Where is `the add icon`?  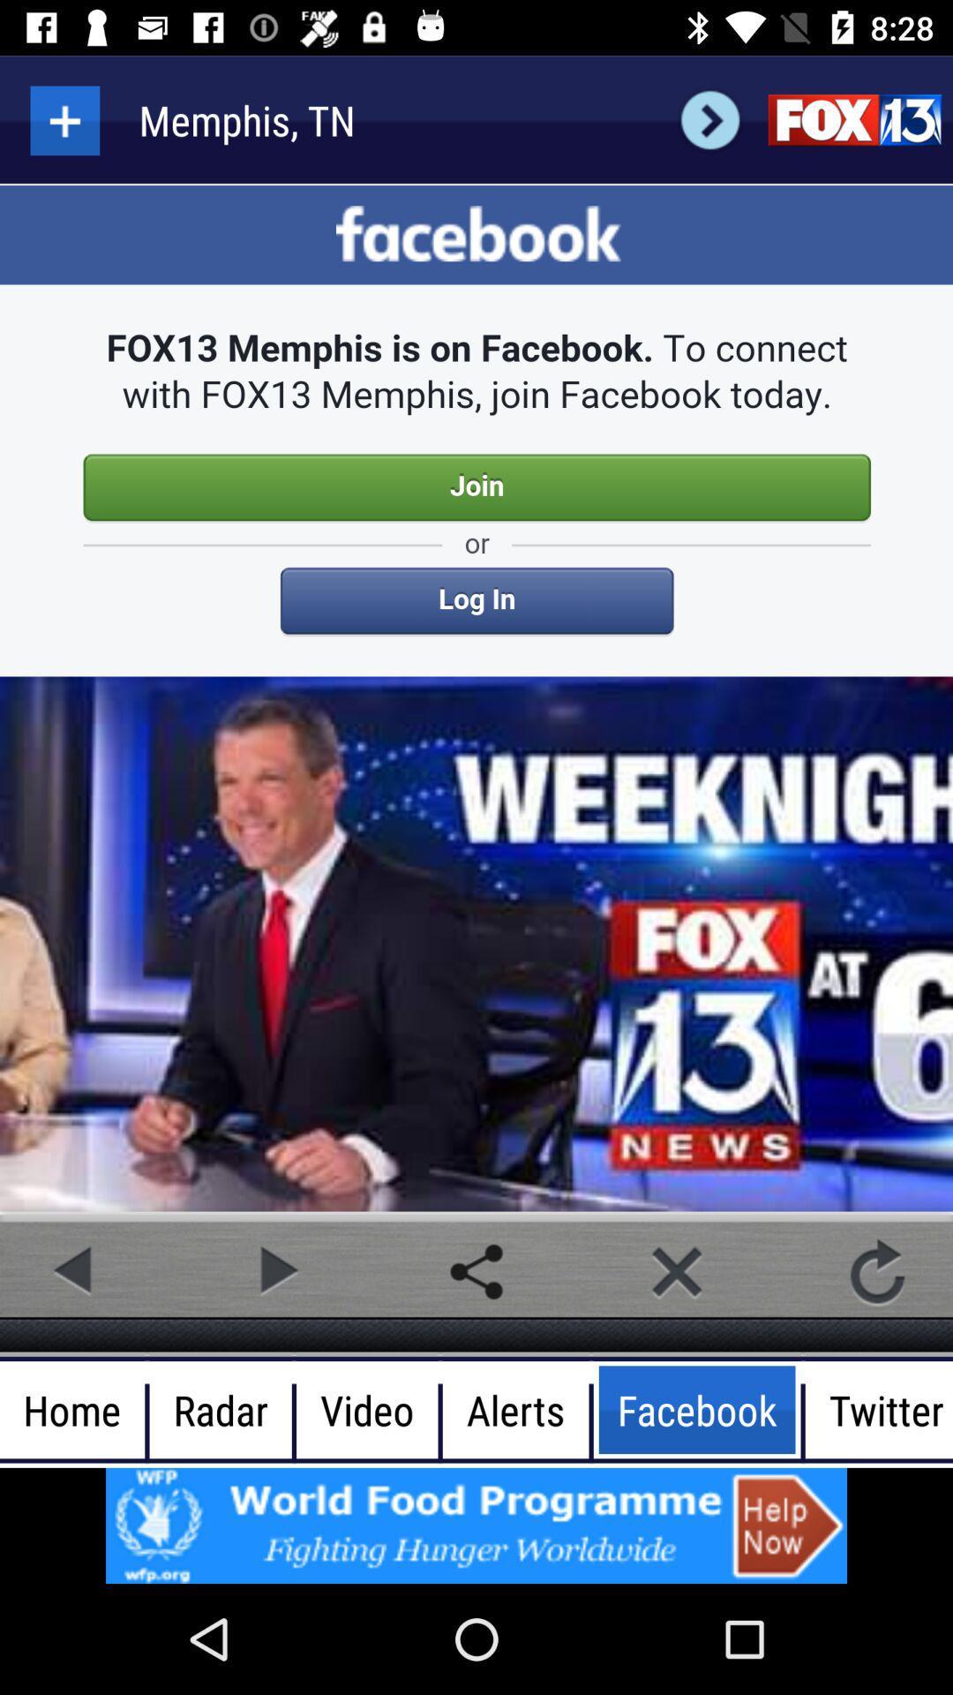
the add icon is located at coordinates (64, 119).